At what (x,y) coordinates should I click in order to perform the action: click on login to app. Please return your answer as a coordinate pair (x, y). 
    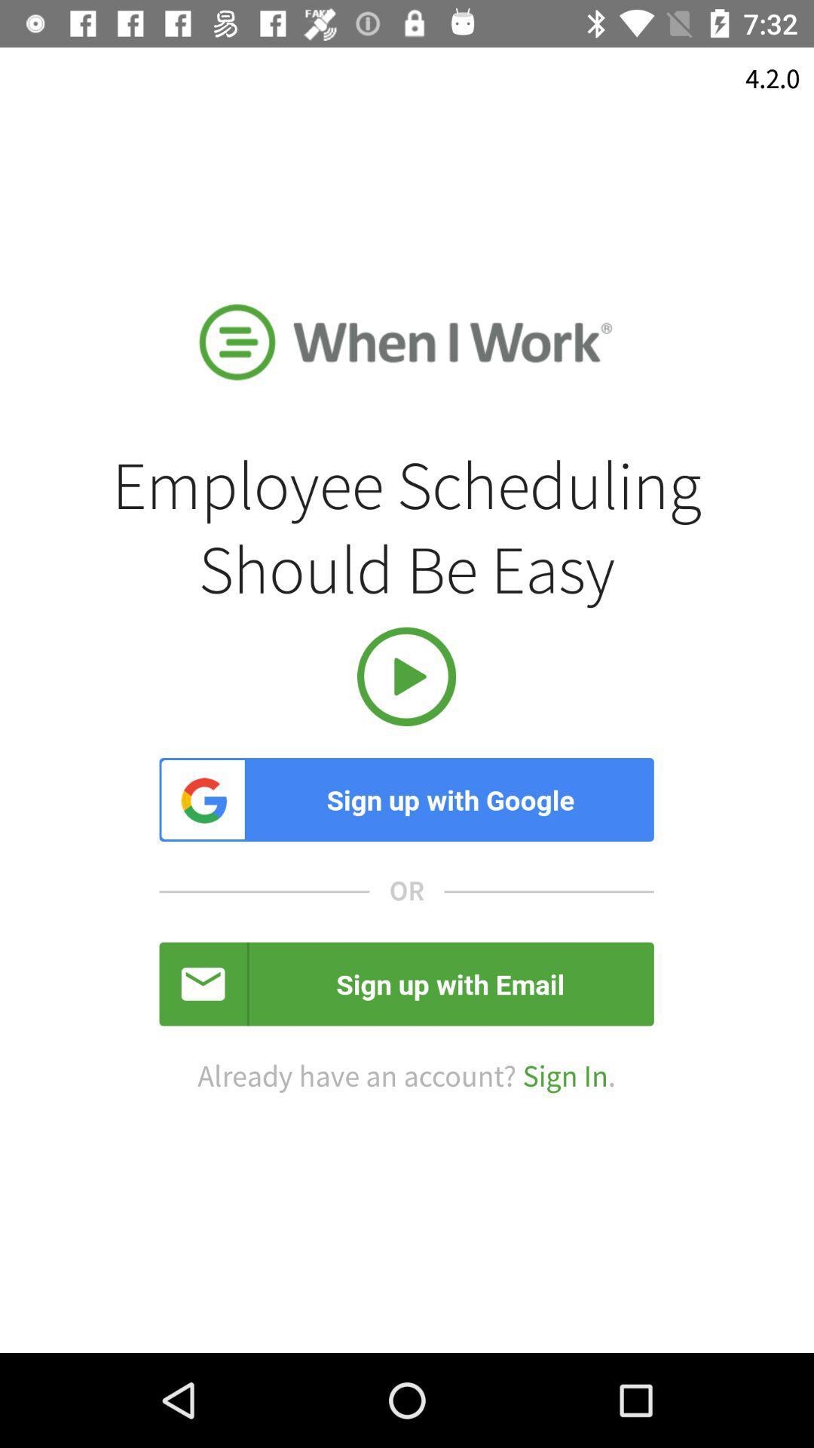
    Looking at the image, I should click on (405, 676).